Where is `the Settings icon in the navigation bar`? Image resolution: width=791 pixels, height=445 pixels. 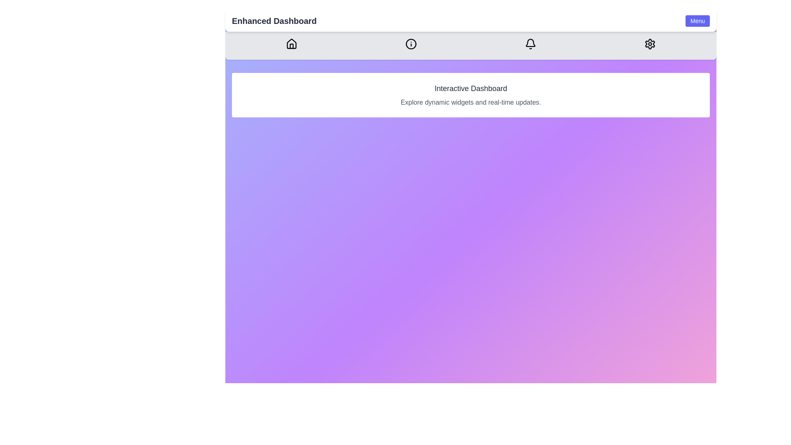
the Settings icon in the navigation bar is located at coordinates (650, 44).